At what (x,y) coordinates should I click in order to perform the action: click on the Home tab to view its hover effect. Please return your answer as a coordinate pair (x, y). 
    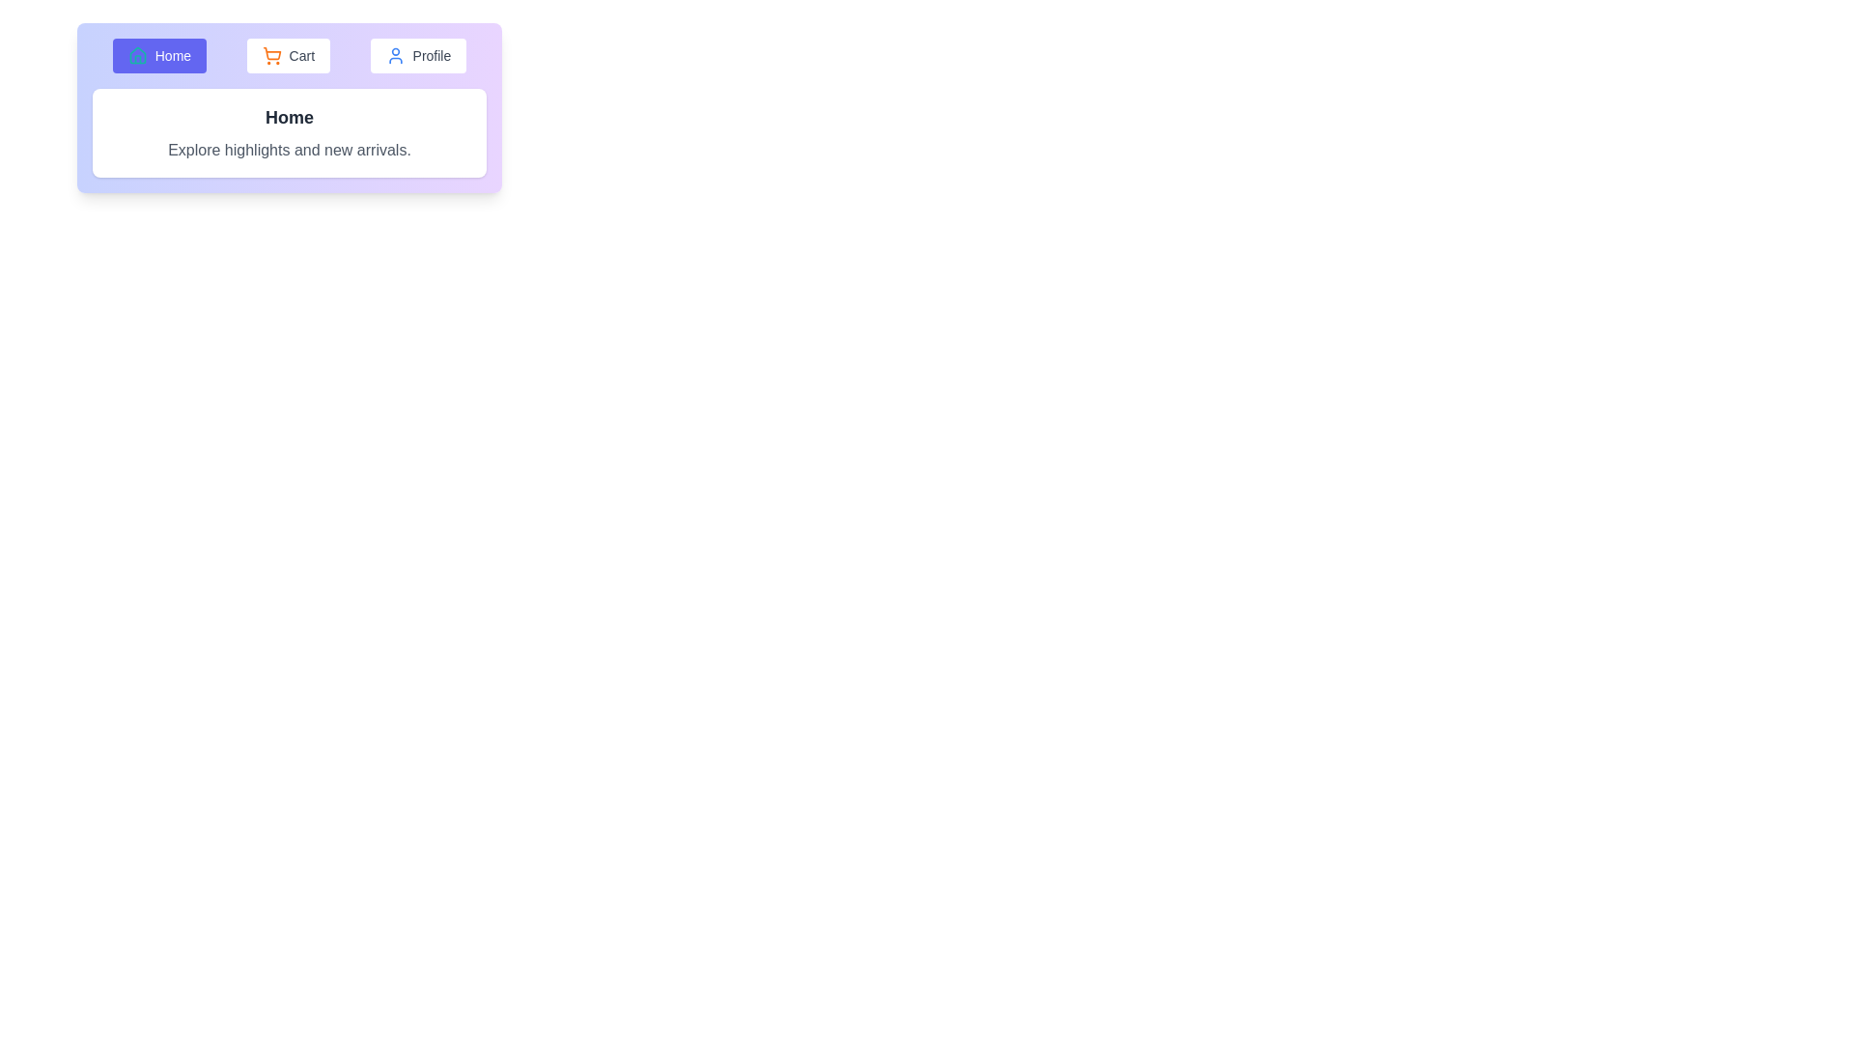
    Looking at the image, I should click on (158, 54).